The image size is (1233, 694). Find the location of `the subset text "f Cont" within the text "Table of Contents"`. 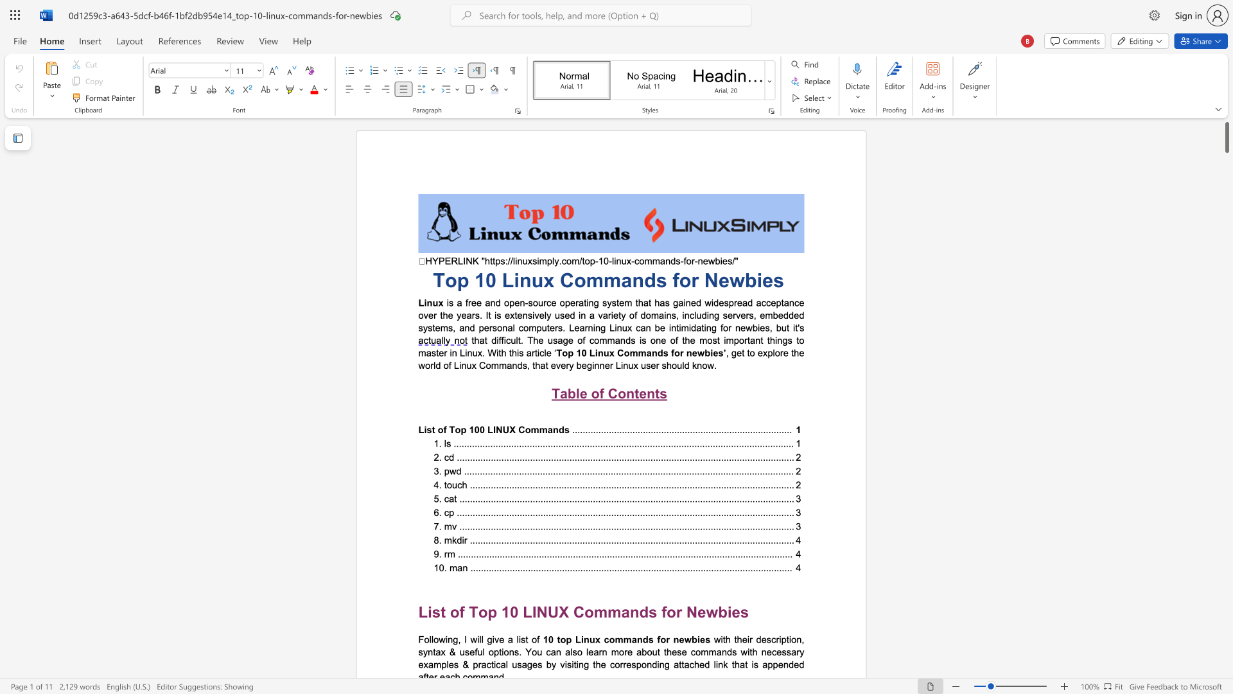

the subset text "f Cont" within the text "Table of Contents" is located at coordinates (599, 393).